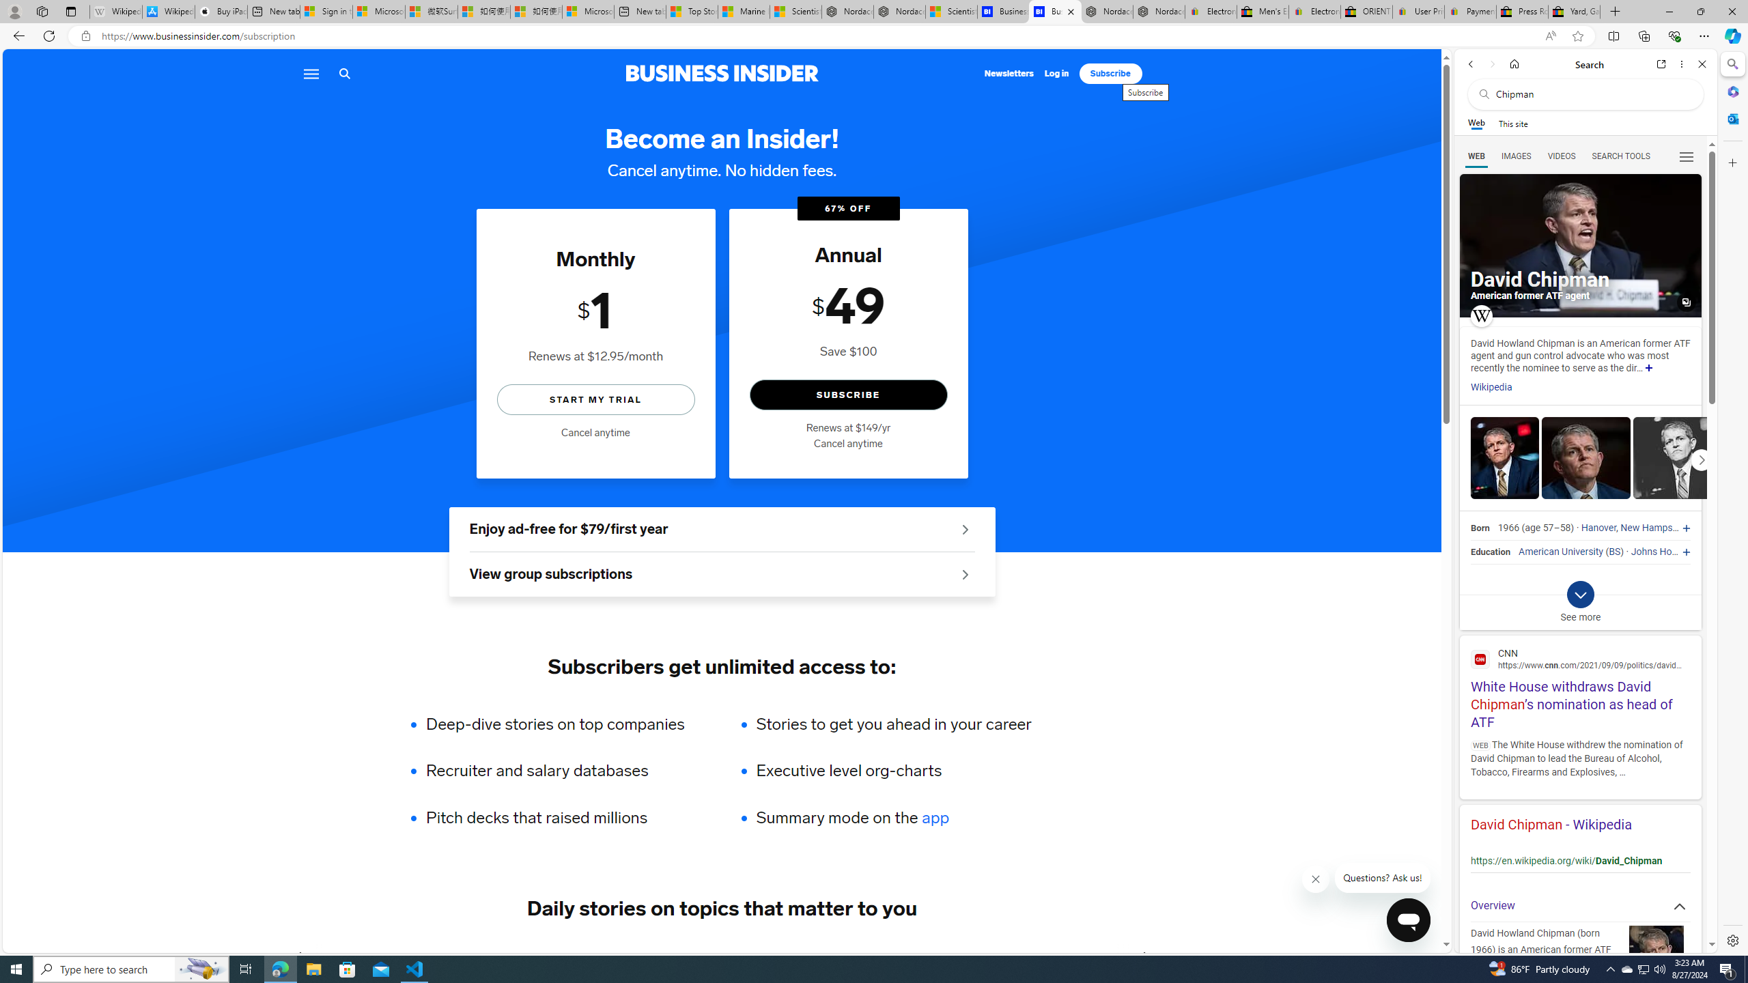 Image resolution: width=1748 pixels, height=983 pixels. I want to click on 'American University', so click(1561, 552).